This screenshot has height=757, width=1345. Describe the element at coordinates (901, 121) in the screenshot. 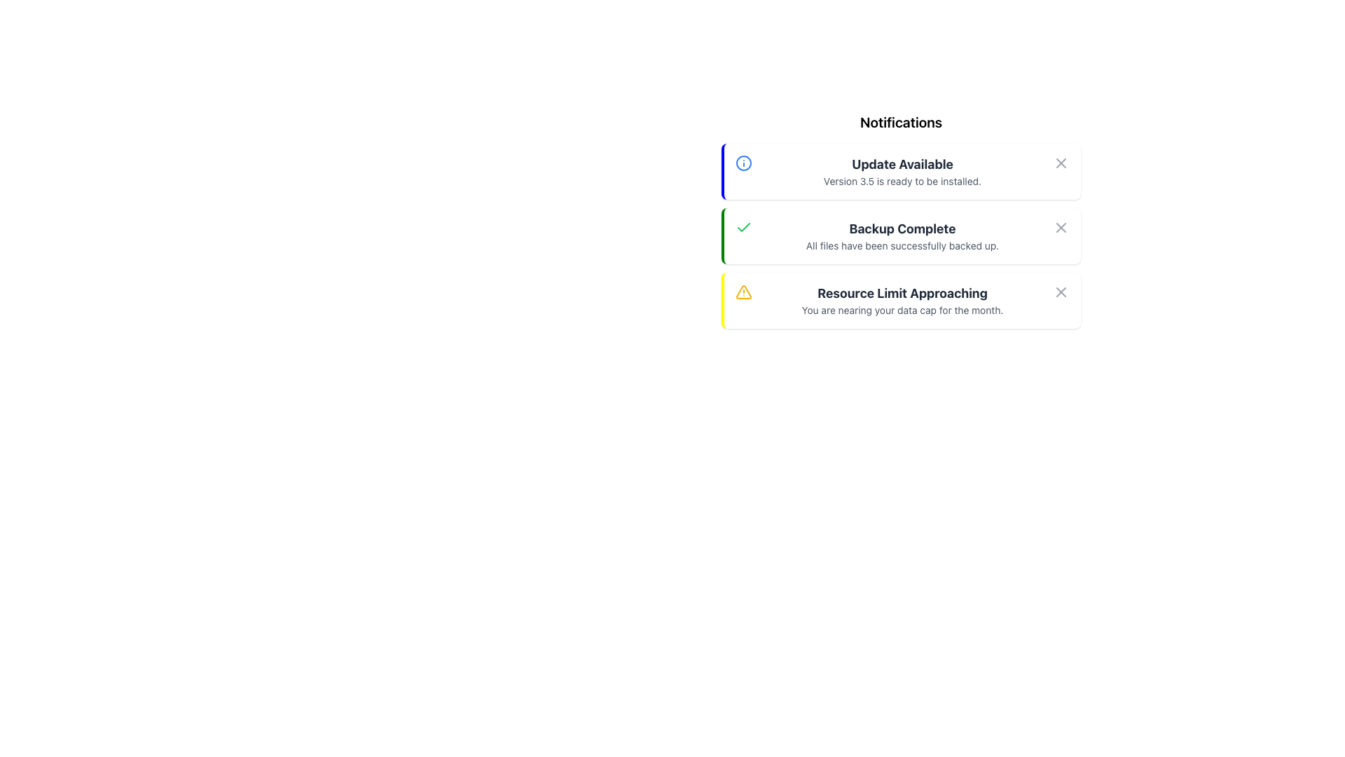

I see `the Text Label that informs the user about the content of the panel containing notifications, located at the top above the first notification item labeled 'Update Available'` at that location.